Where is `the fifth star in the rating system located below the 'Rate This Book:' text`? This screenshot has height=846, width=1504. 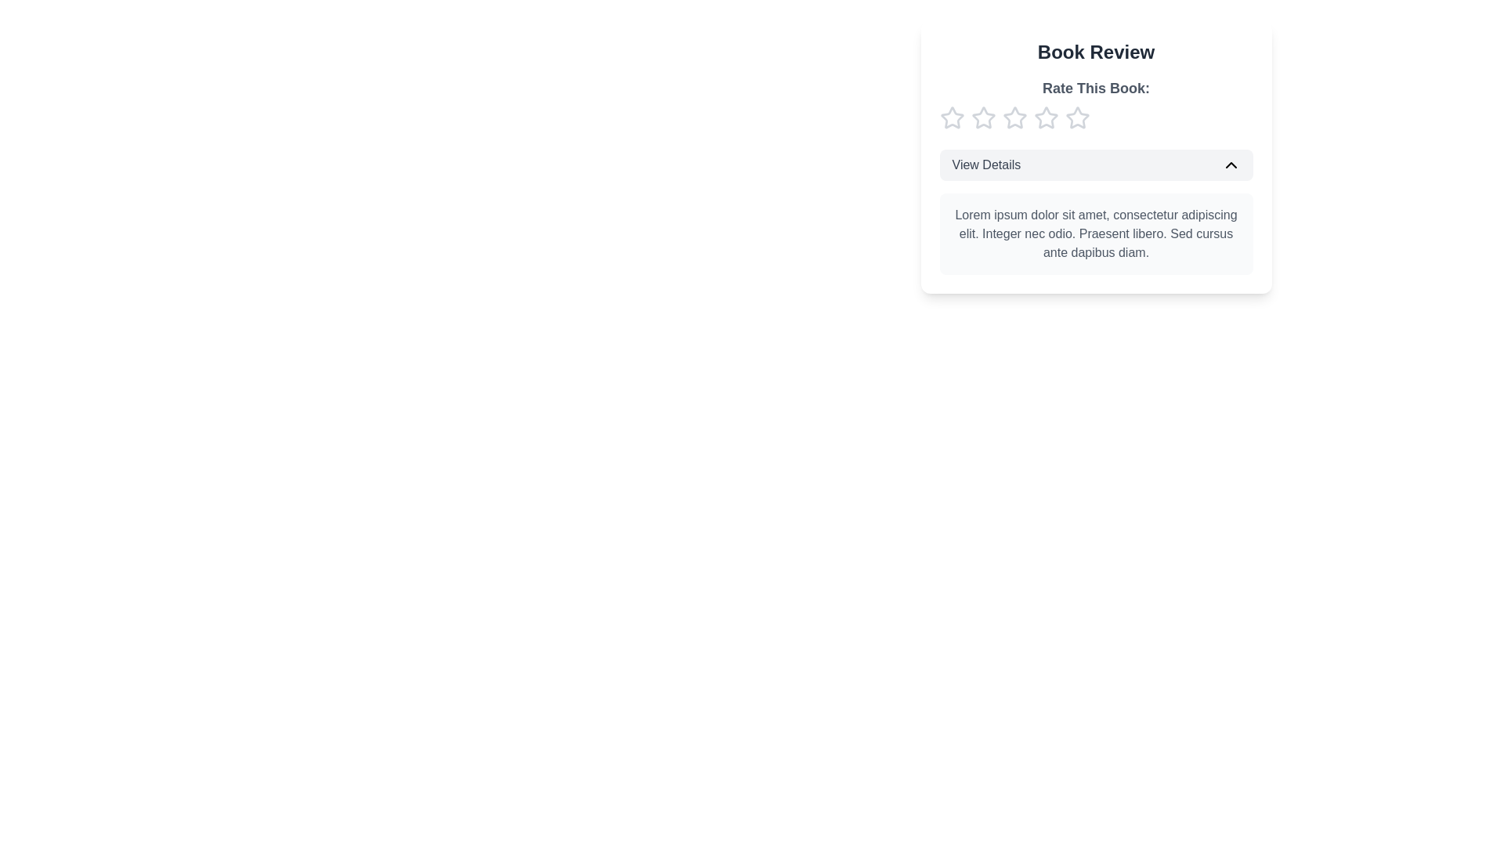
the fifth star in the rating system located below the 'Rate This Book:' text is located at coordinates (1076, 117).